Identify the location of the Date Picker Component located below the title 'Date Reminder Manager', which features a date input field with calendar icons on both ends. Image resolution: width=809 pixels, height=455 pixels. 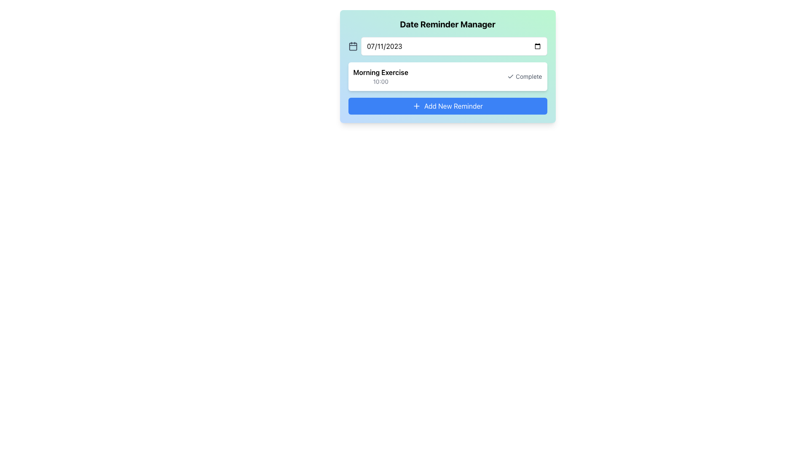
(447, 46).